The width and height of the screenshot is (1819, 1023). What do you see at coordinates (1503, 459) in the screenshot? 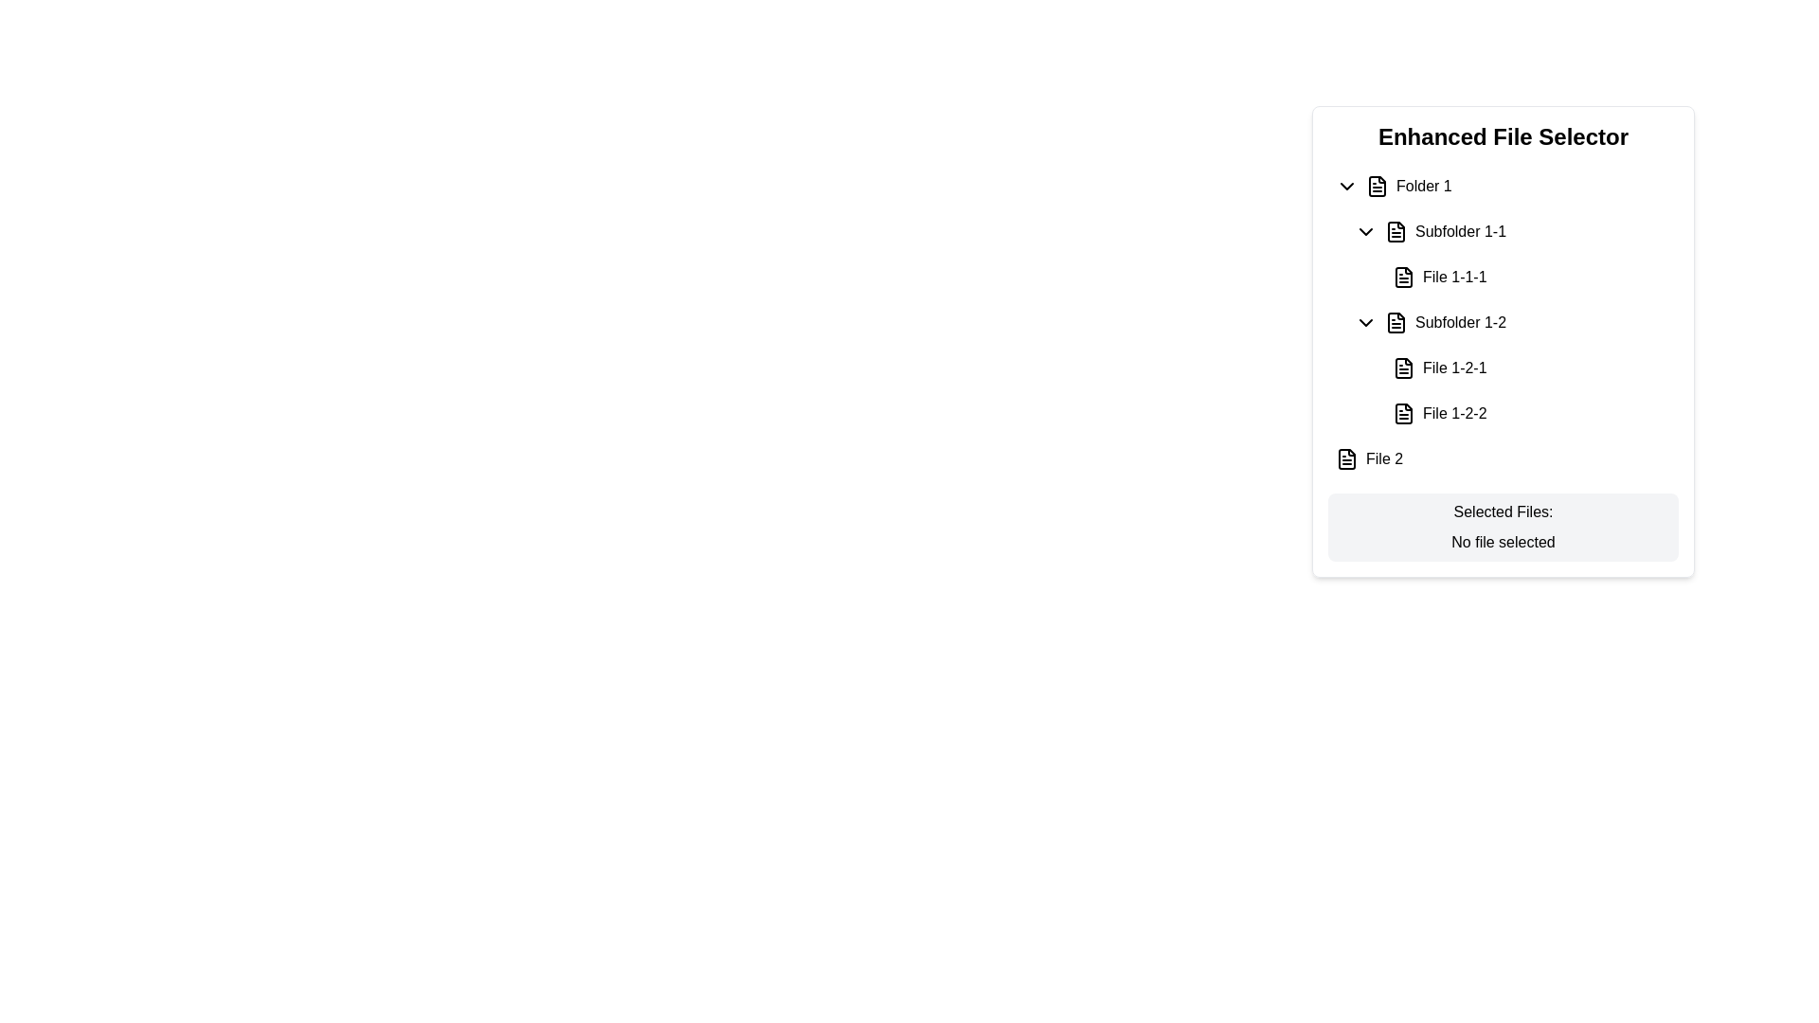
I see `the List item representing 'File 2' to trigger hover effects` at bounding box center [1503, 459].